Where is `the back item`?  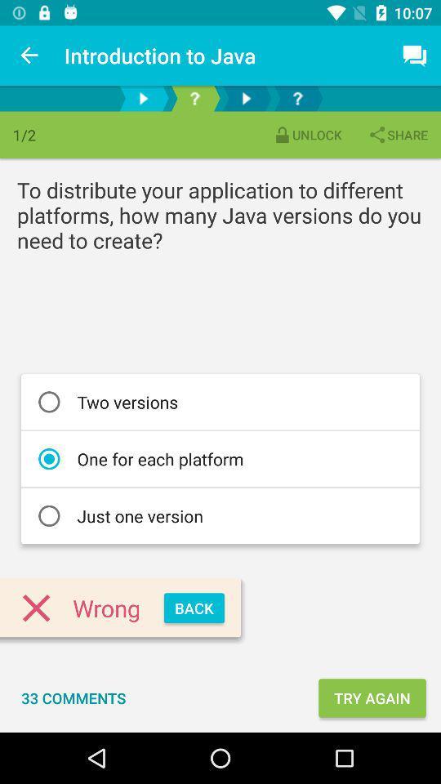 the back item is located at coordinates (194, 607).